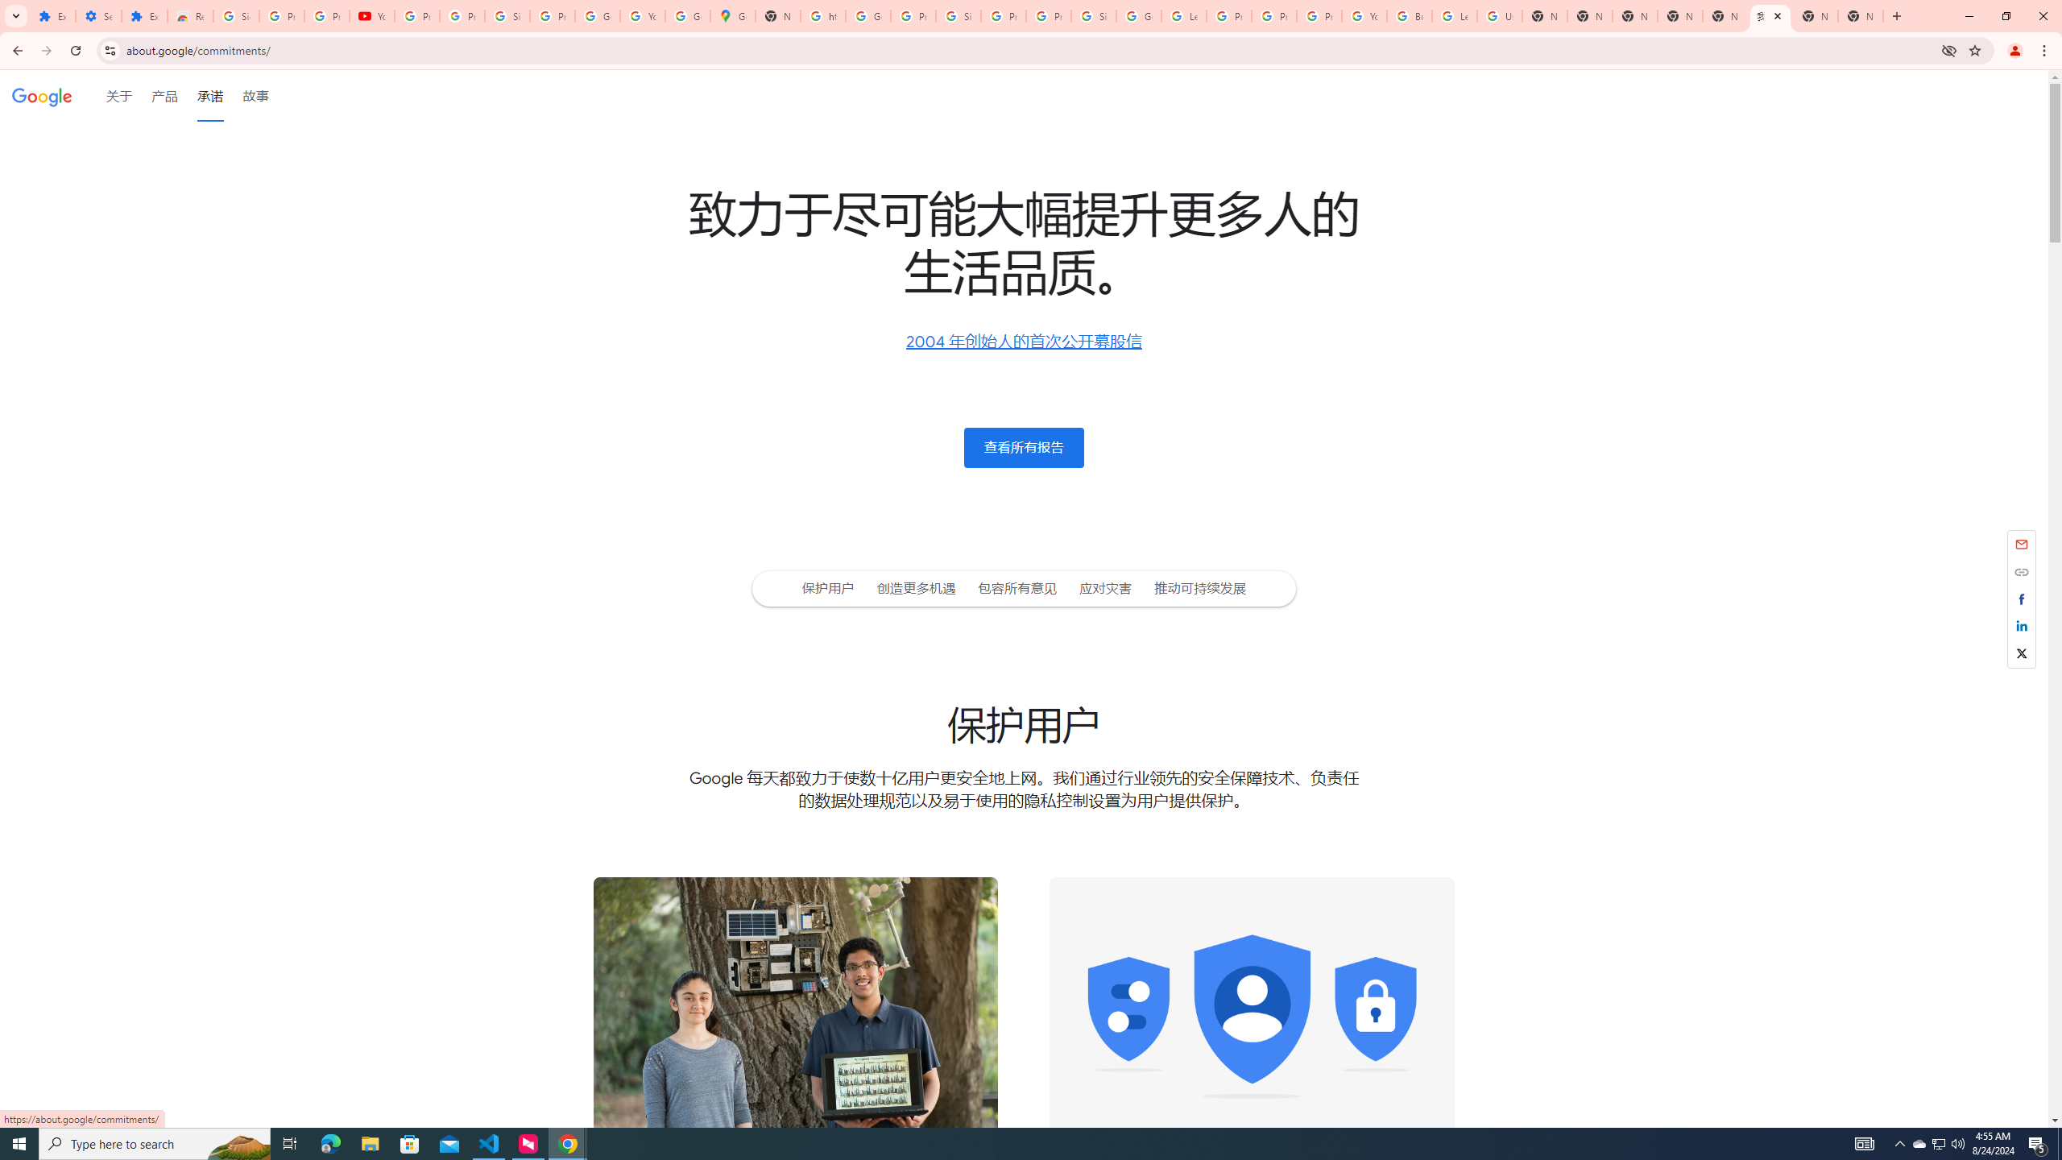 The height and width of the screenshot is (1160, 2062). Describe the element at coordinates (958, 15) in the screenshot. I see `'Sign in - Google Accounts'` at that location.